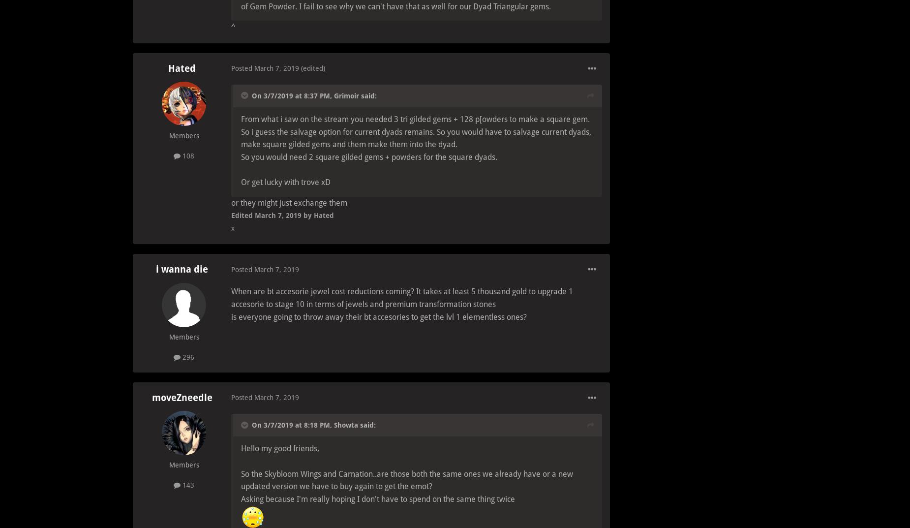 The image size is (910, 528). I want to click on 'On 3/7/2019 at 8:37 PM,', so click(293, 95).